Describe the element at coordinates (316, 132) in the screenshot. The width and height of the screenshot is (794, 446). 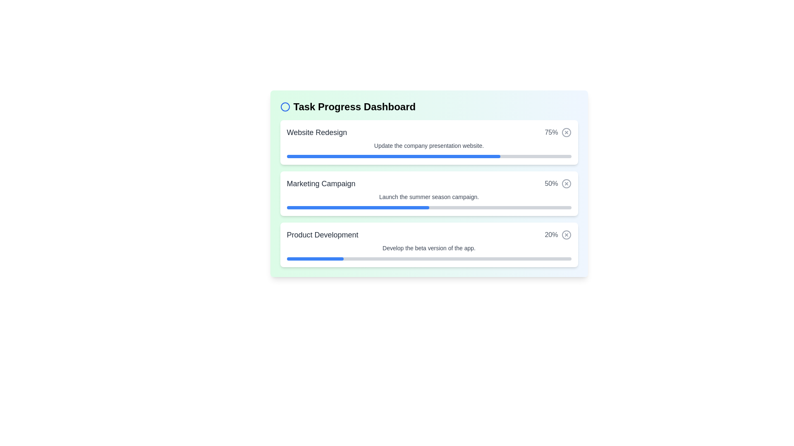
I see `the 'Website Redesign' text label located at the top left corner of the task card in the 'Task Progress Dashboard'` at that location.